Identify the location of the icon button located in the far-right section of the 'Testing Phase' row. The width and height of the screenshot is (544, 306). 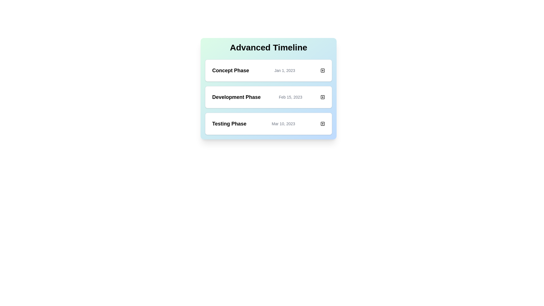
(322, 123).